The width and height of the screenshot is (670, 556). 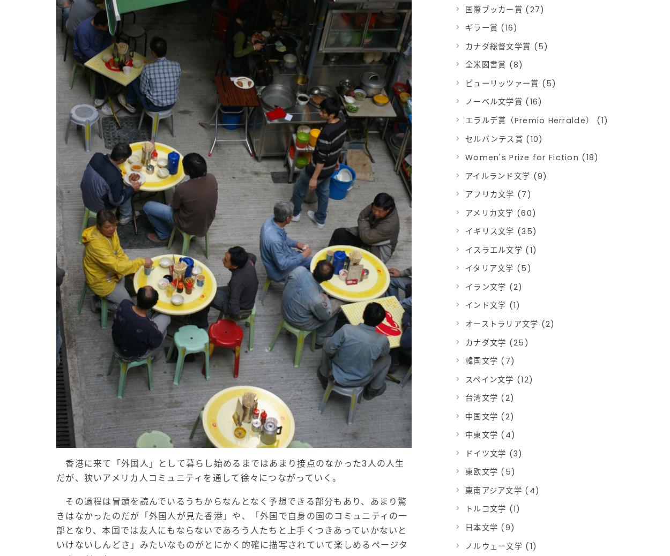 I want to click on 'ドイツ文学 (3)', so click(x=494, y=453).